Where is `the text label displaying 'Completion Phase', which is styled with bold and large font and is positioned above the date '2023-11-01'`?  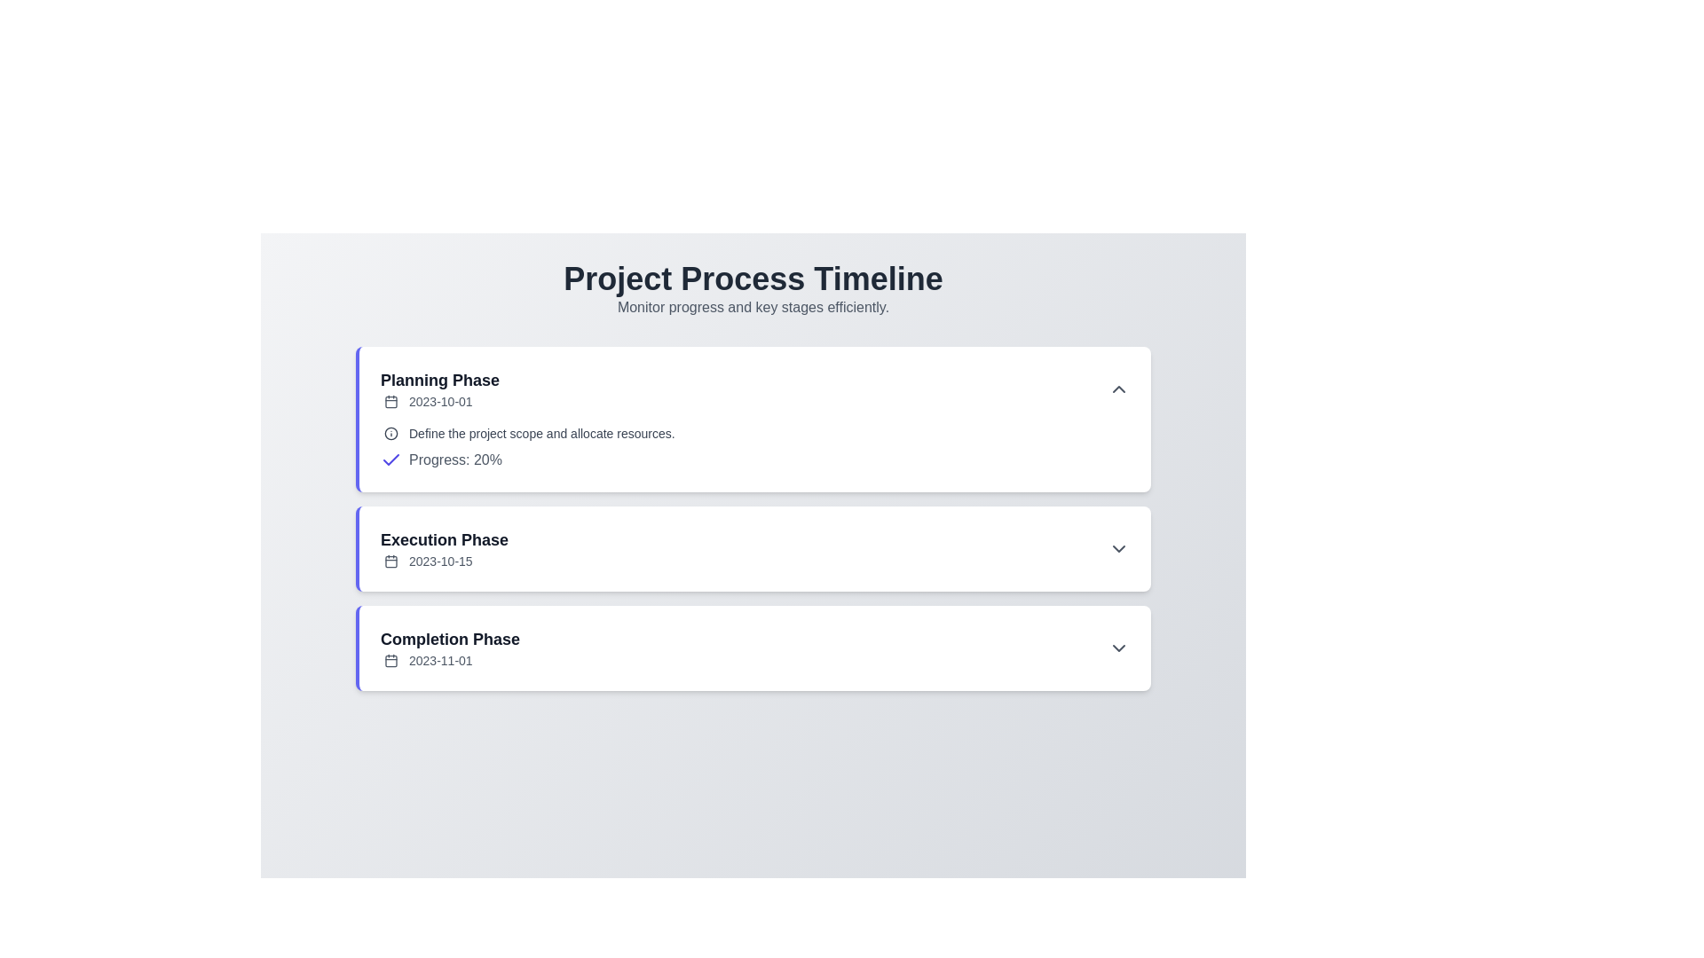 the text label displaying 'Completion Phase', which is styled with bold and large font and is positioned above the date '2023-11-01' is located at coordinates (450, 640).